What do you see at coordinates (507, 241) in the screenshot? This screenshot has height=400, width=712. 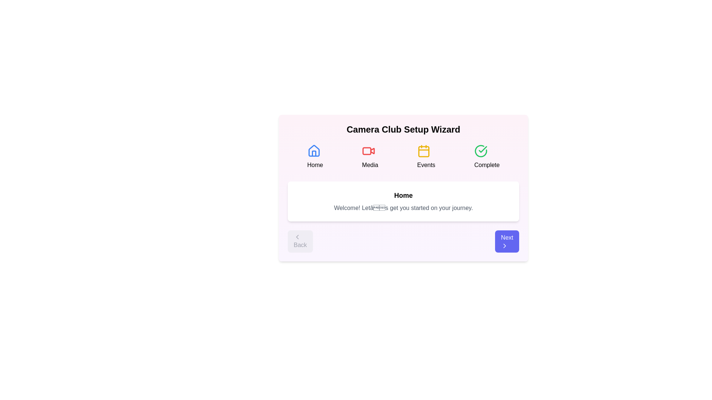 I see `the 'Next' button to proceed to the next step` at bounding box center [507, 241].